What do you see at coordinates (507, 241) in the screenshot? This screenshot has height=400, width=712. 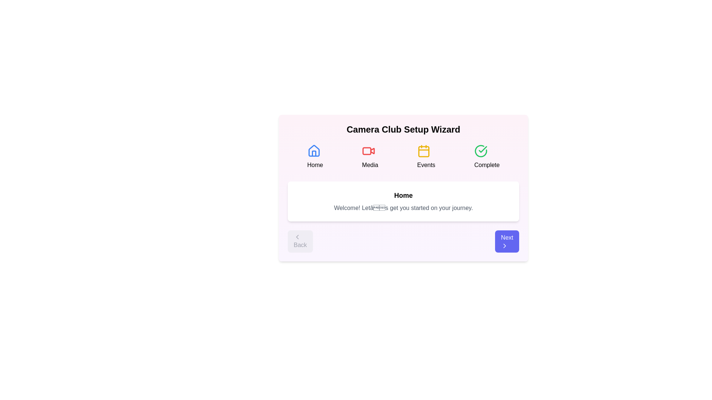 I see `the 'Next' button to proceed to the next step` at bounding box center [507, 241].